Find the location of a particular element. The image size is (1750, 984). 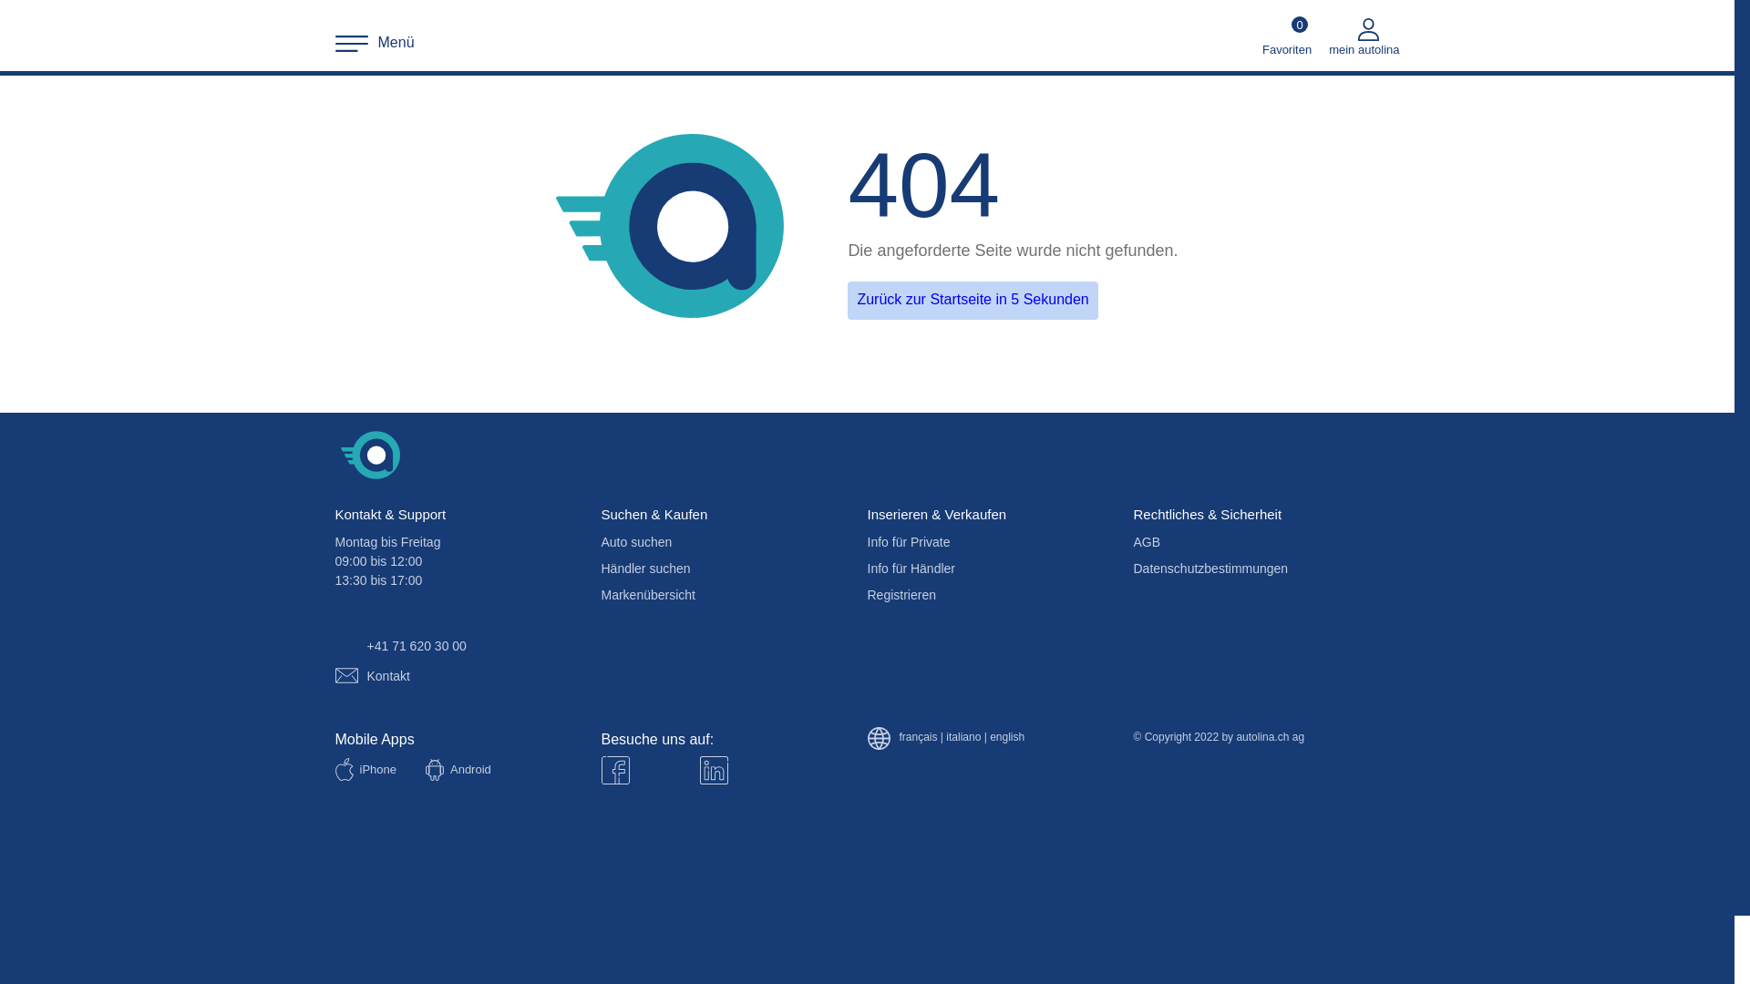

'Auto suchen' is located at coordinates (595, 540).